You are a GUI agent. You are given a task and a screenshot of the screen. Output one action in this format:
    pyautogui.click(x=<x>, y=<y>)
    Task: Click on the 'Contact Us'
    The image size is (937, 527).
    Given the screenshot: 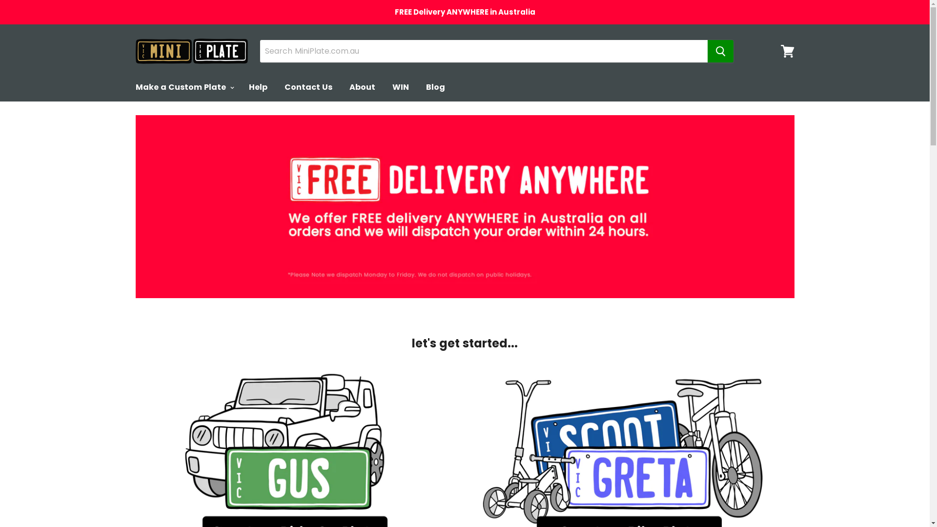 What is the action you would take?
    pyautogui.click(x=308, y=86)
    